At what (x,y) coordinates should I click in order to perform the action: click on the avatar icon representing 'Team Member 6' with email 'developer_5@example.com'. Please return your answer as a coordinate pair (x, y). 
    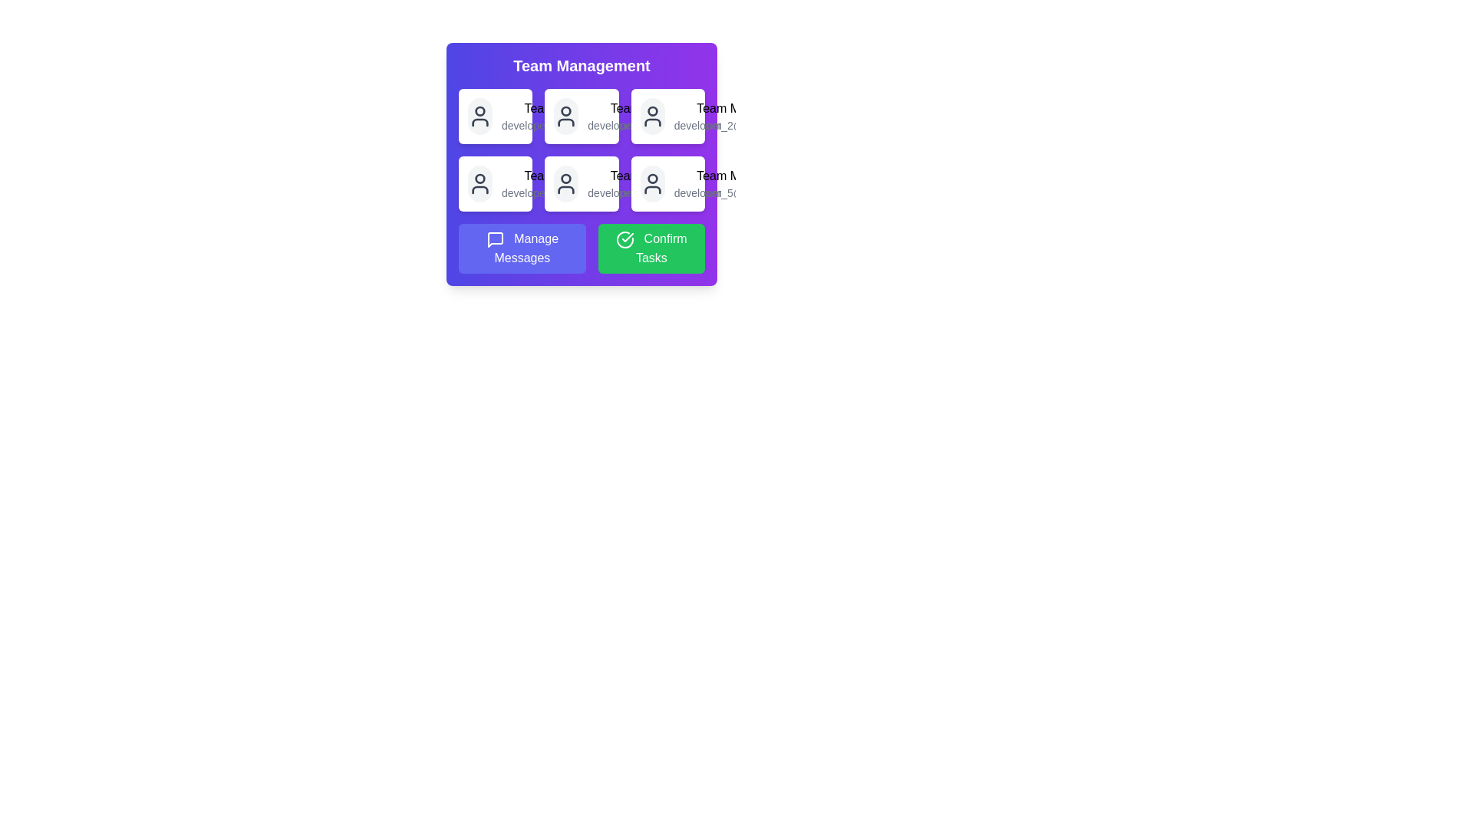
    Looking at the image, I should click on (652, 182).